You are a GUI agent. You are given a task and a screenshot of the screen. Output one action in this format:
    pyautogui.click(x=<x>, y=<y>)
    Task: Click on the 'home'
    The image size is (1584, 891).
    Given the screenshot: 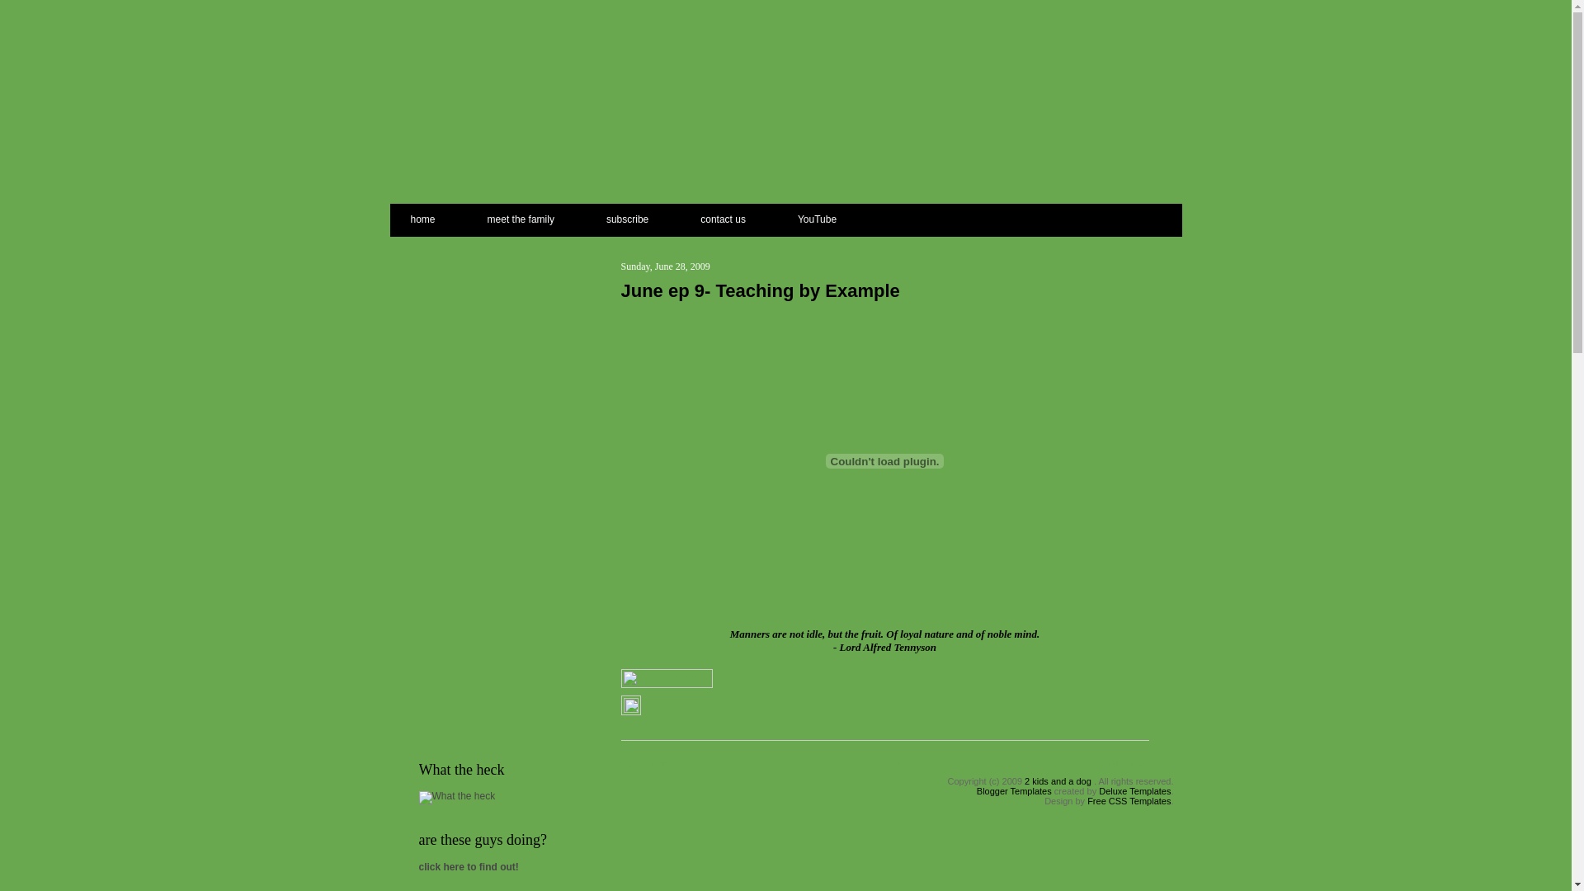 What is the action you would take?
    pyautogui.click(x=436, y=215)
    